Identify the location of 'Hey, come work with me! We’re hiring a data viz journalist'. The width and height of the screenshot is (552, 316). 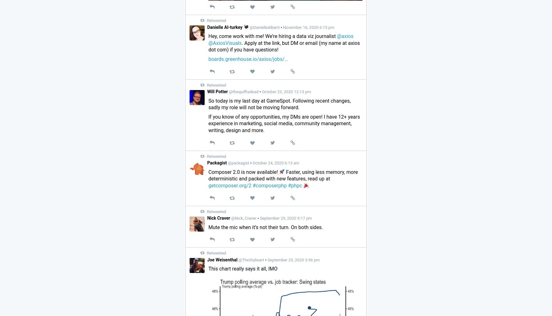
(208, 36).